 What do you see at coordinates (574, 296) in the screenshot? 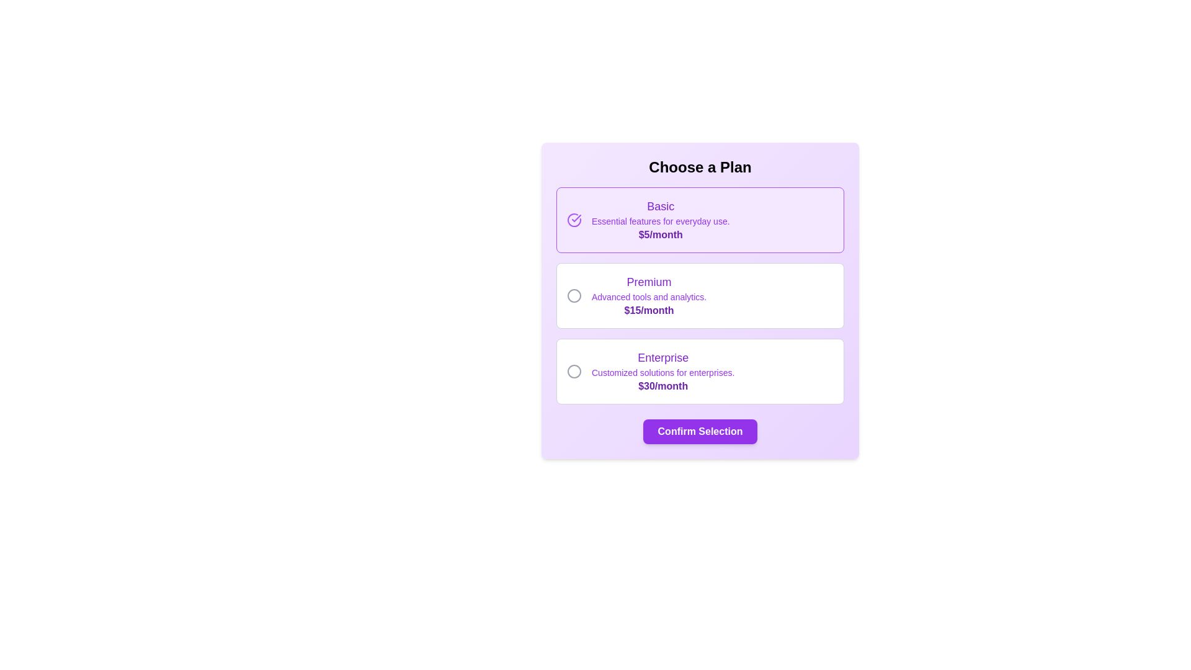
I see `the circular checkbox` at bounding box center [574, 296].